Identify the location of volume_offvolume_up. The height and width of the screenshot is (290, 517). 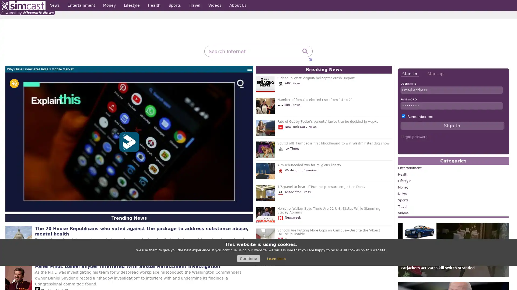
(14, 84).